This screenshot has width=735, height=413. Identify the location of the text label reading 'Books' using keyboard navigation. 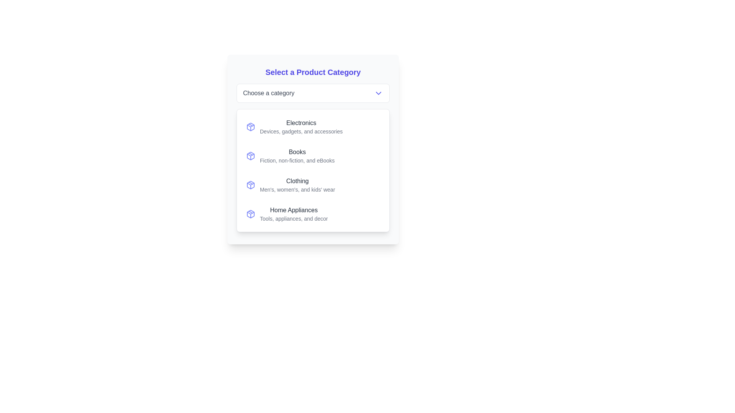
(297, 152).